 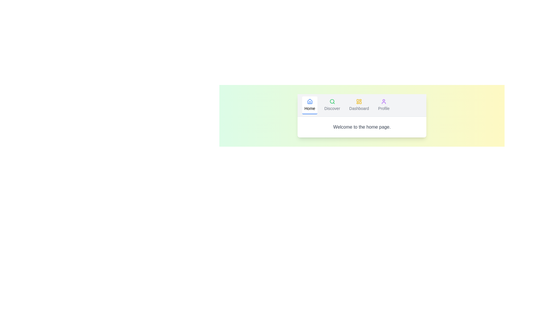 What do you see at coordinates (332, 105) in the screenshot?
I see `the Discover tab to navigate to its content` at bounding box center [332, 105].